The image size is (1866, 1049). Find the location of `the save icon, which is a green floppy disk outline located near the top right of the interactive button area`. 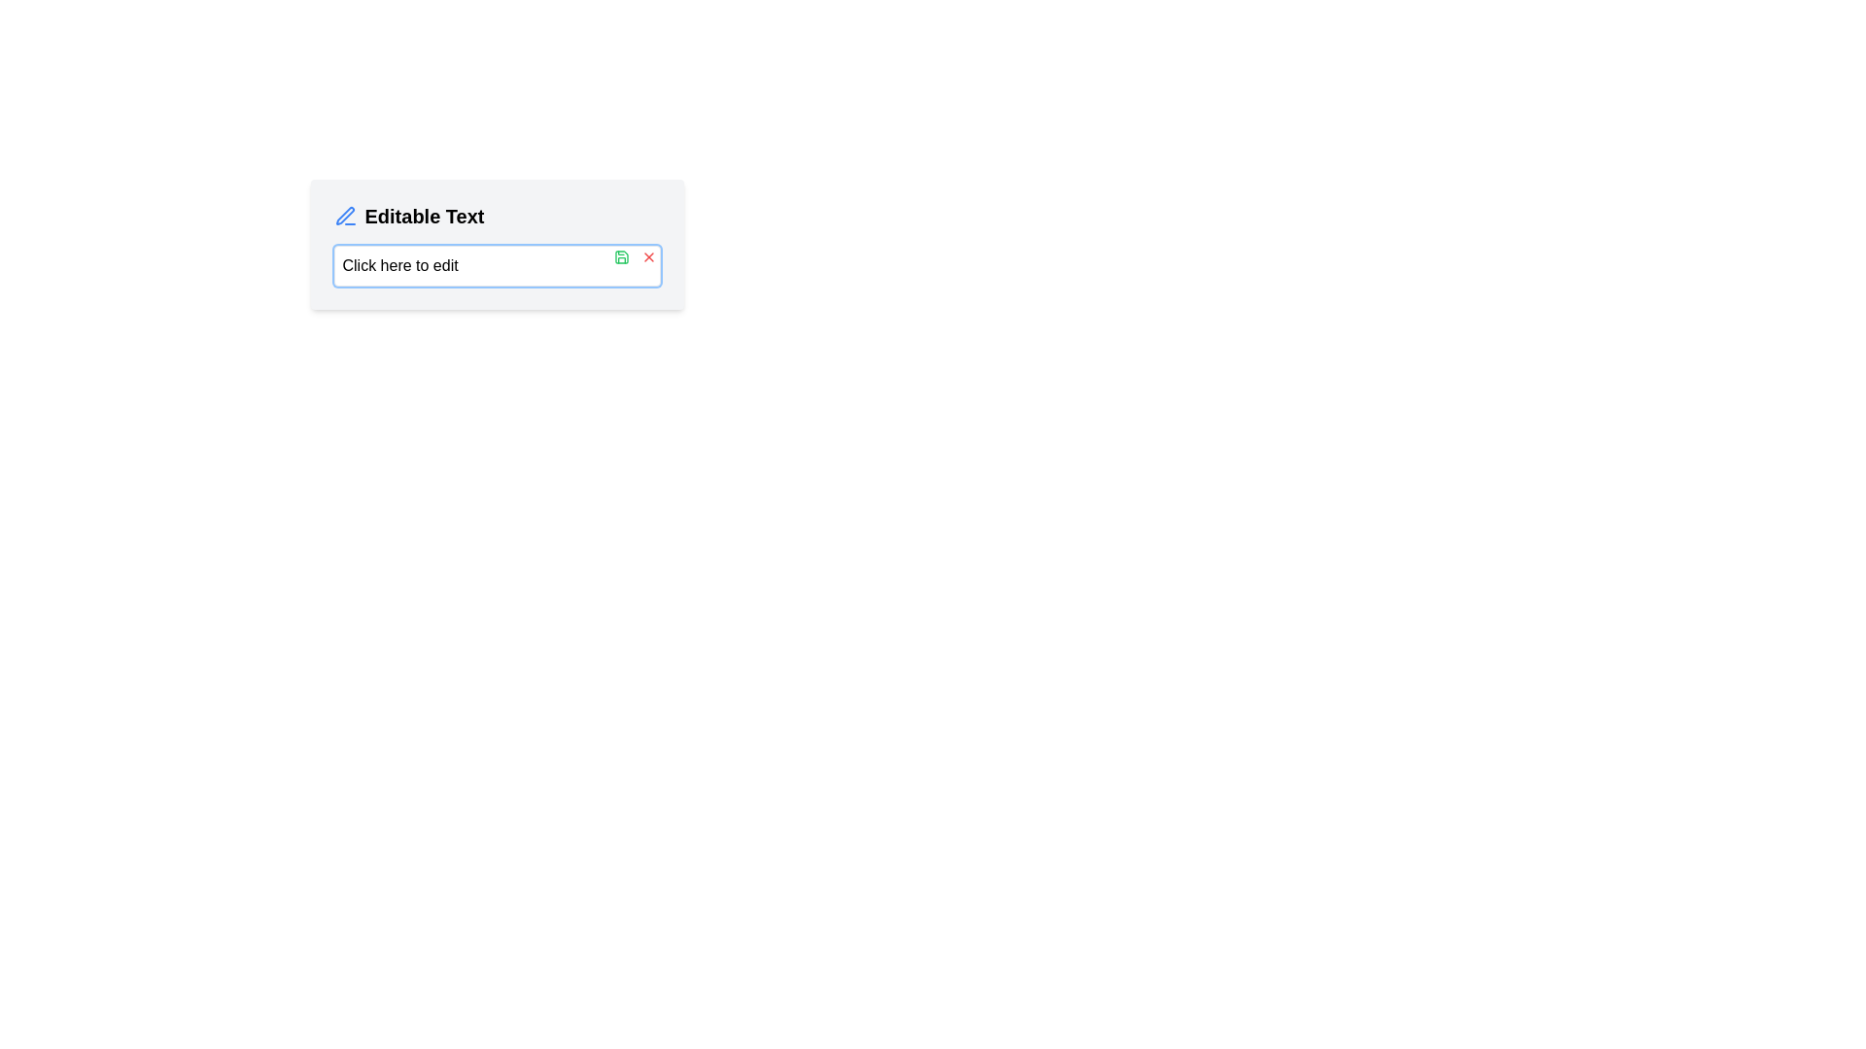

the save icon, which is a green floppy disk outline located near the top right of the interactive button area is located at coordinates (620, 256).